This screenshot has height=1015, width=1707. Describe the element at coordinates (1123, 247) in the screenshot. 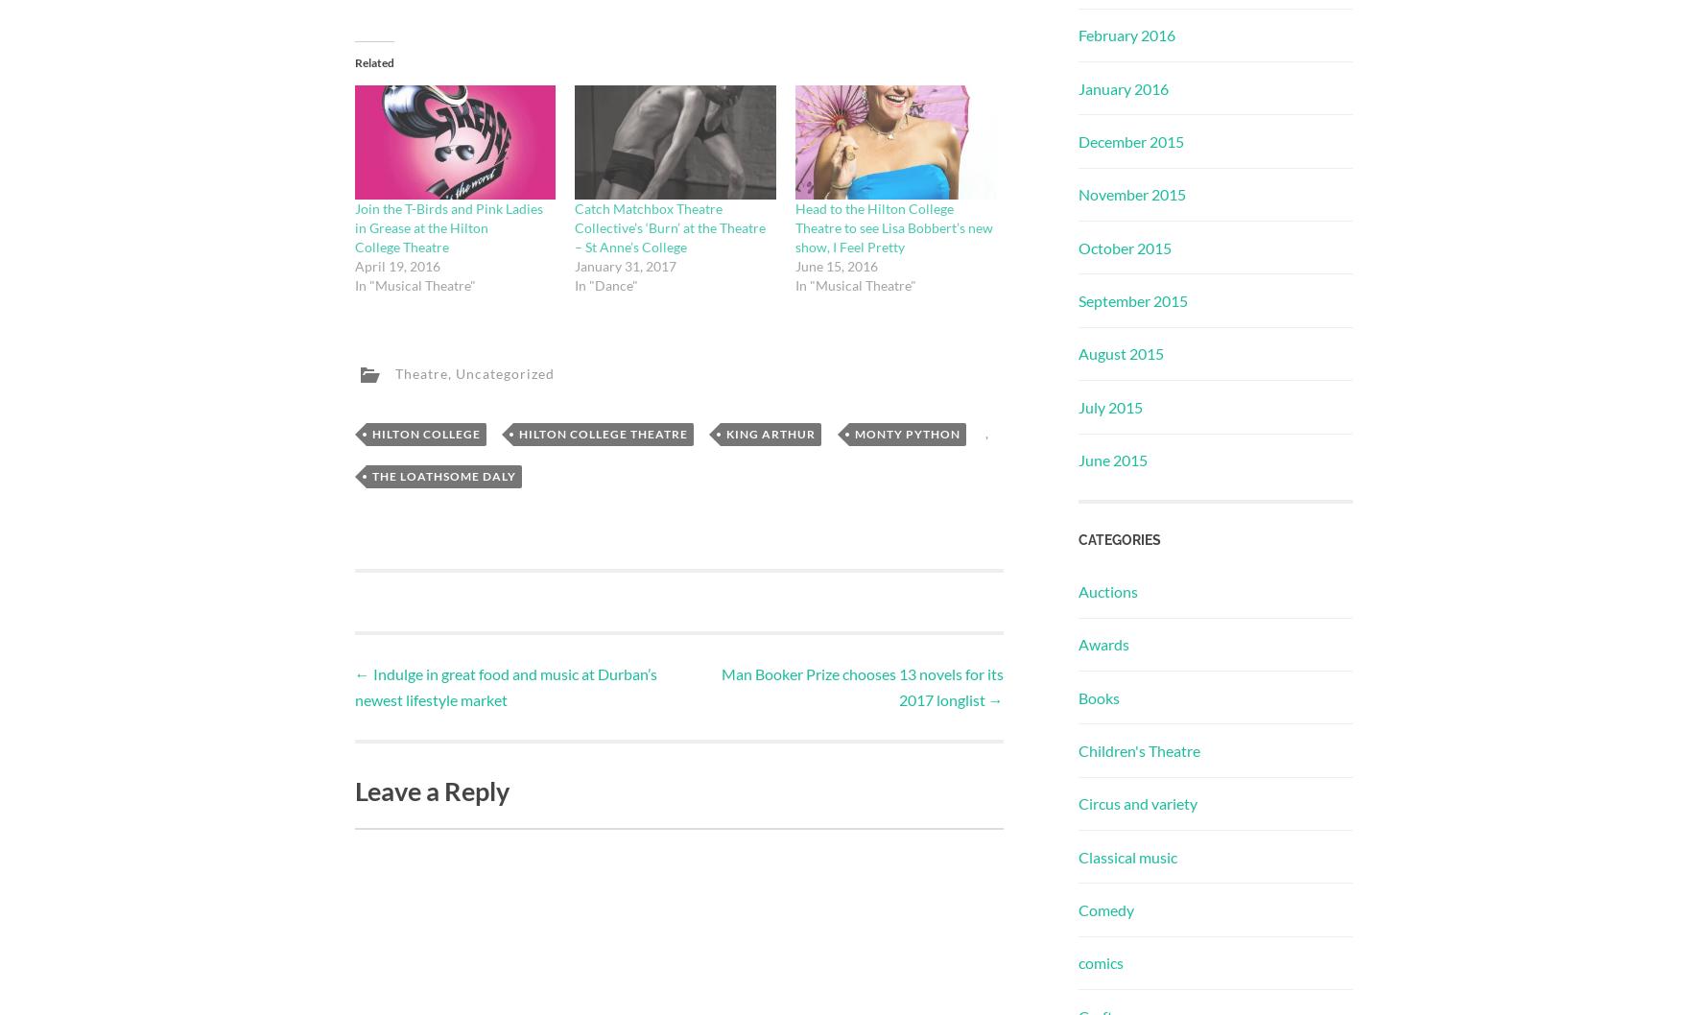

I see `'October 2015'` at that location.